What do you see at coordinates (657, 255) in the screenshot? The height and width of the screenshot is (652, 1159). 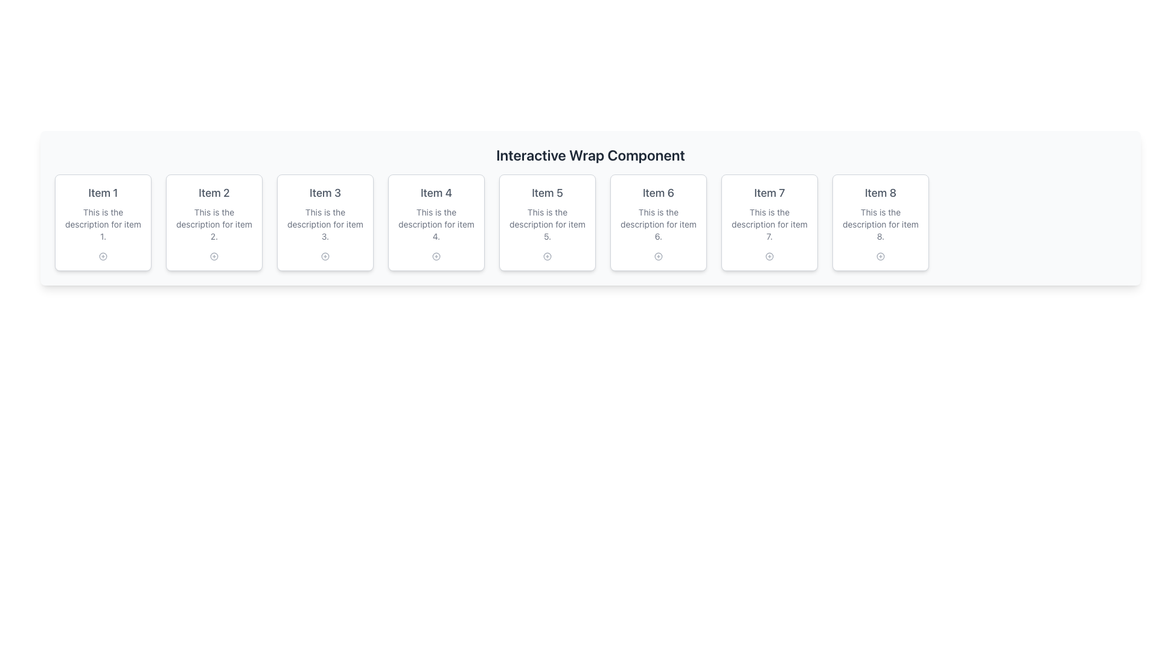 I see `the circular icon outlined in gray located within the panel labeled 'Item 6', which is centrally positioned beneath the description text` at bounding box center [657, 255].